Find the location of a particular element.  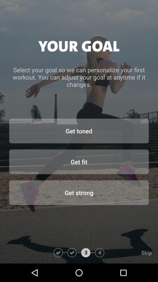

the item below select your goal item is located at coordinates (79, 131).